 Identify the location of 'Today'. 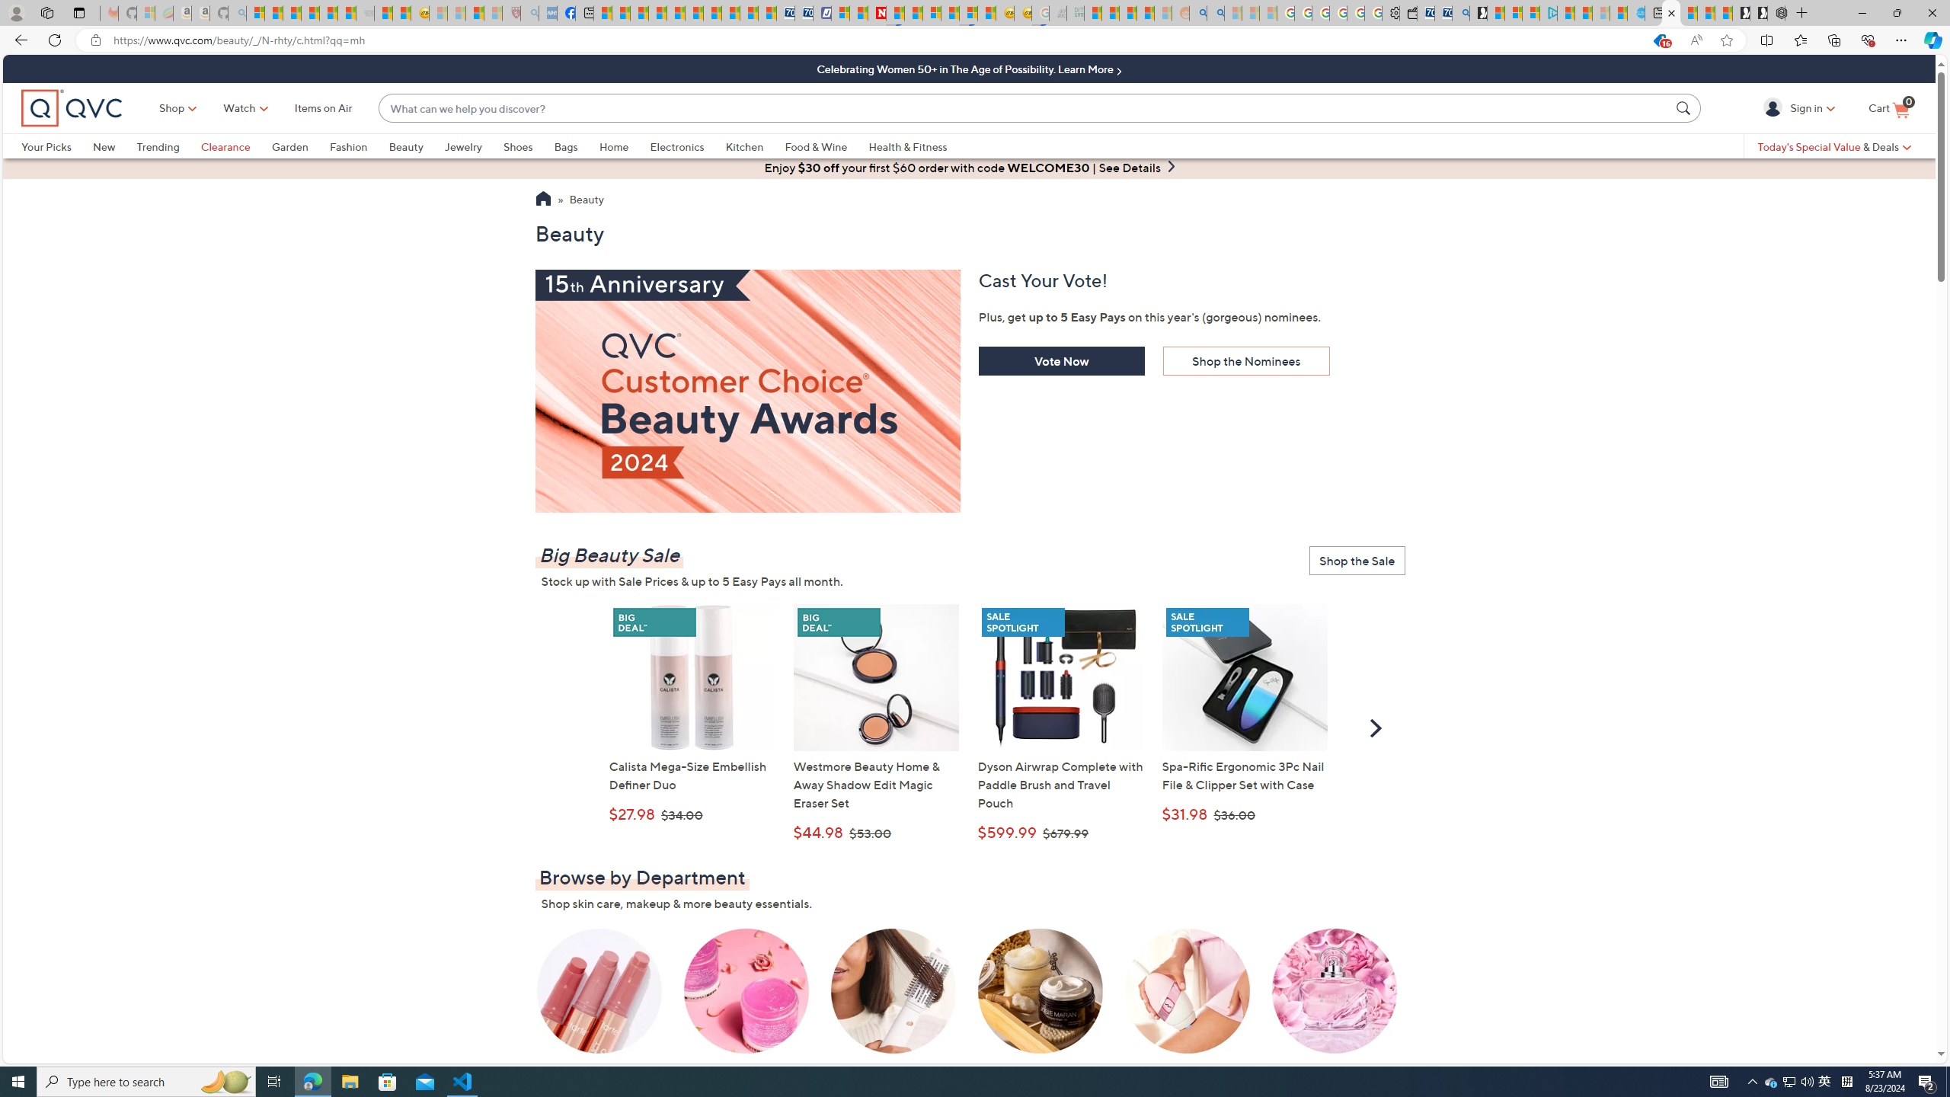
(1833, 146).